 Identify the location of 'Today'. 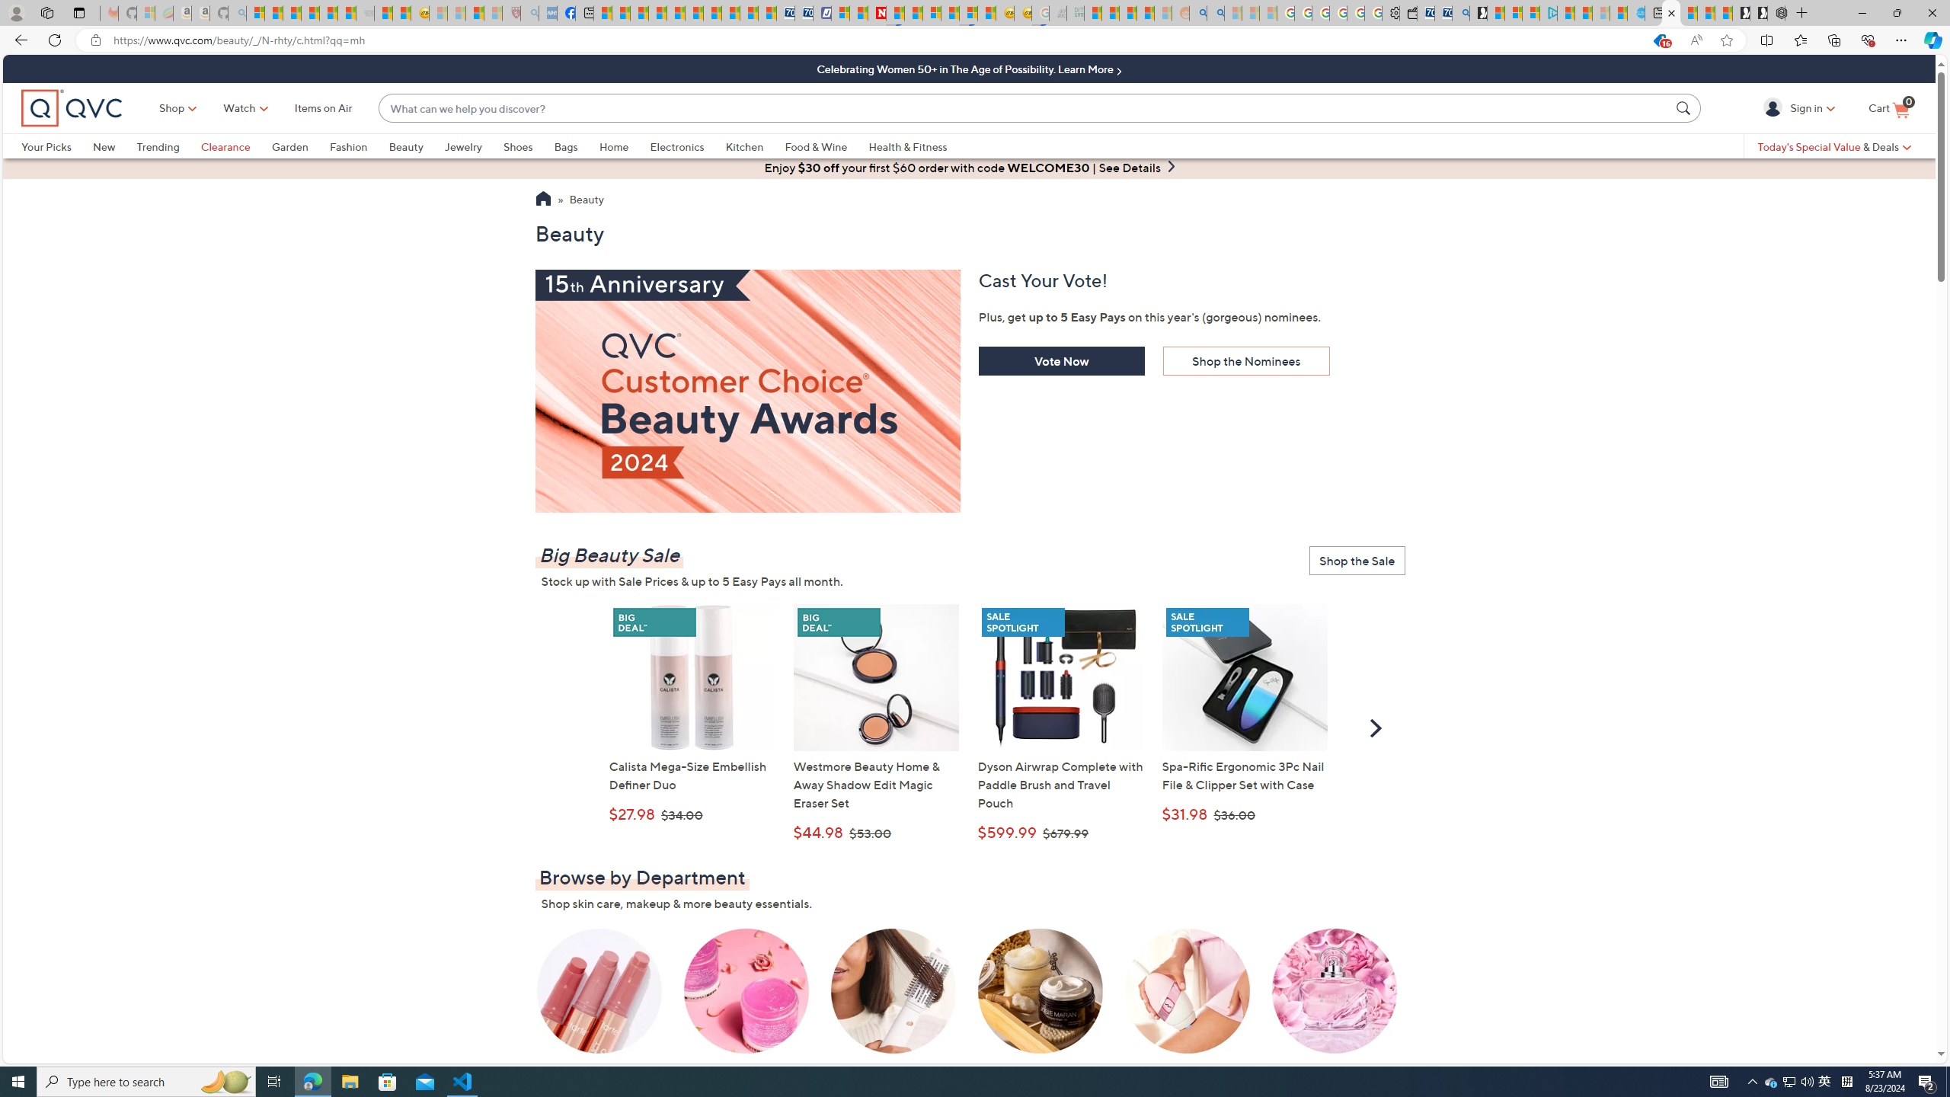
(1833, 146).